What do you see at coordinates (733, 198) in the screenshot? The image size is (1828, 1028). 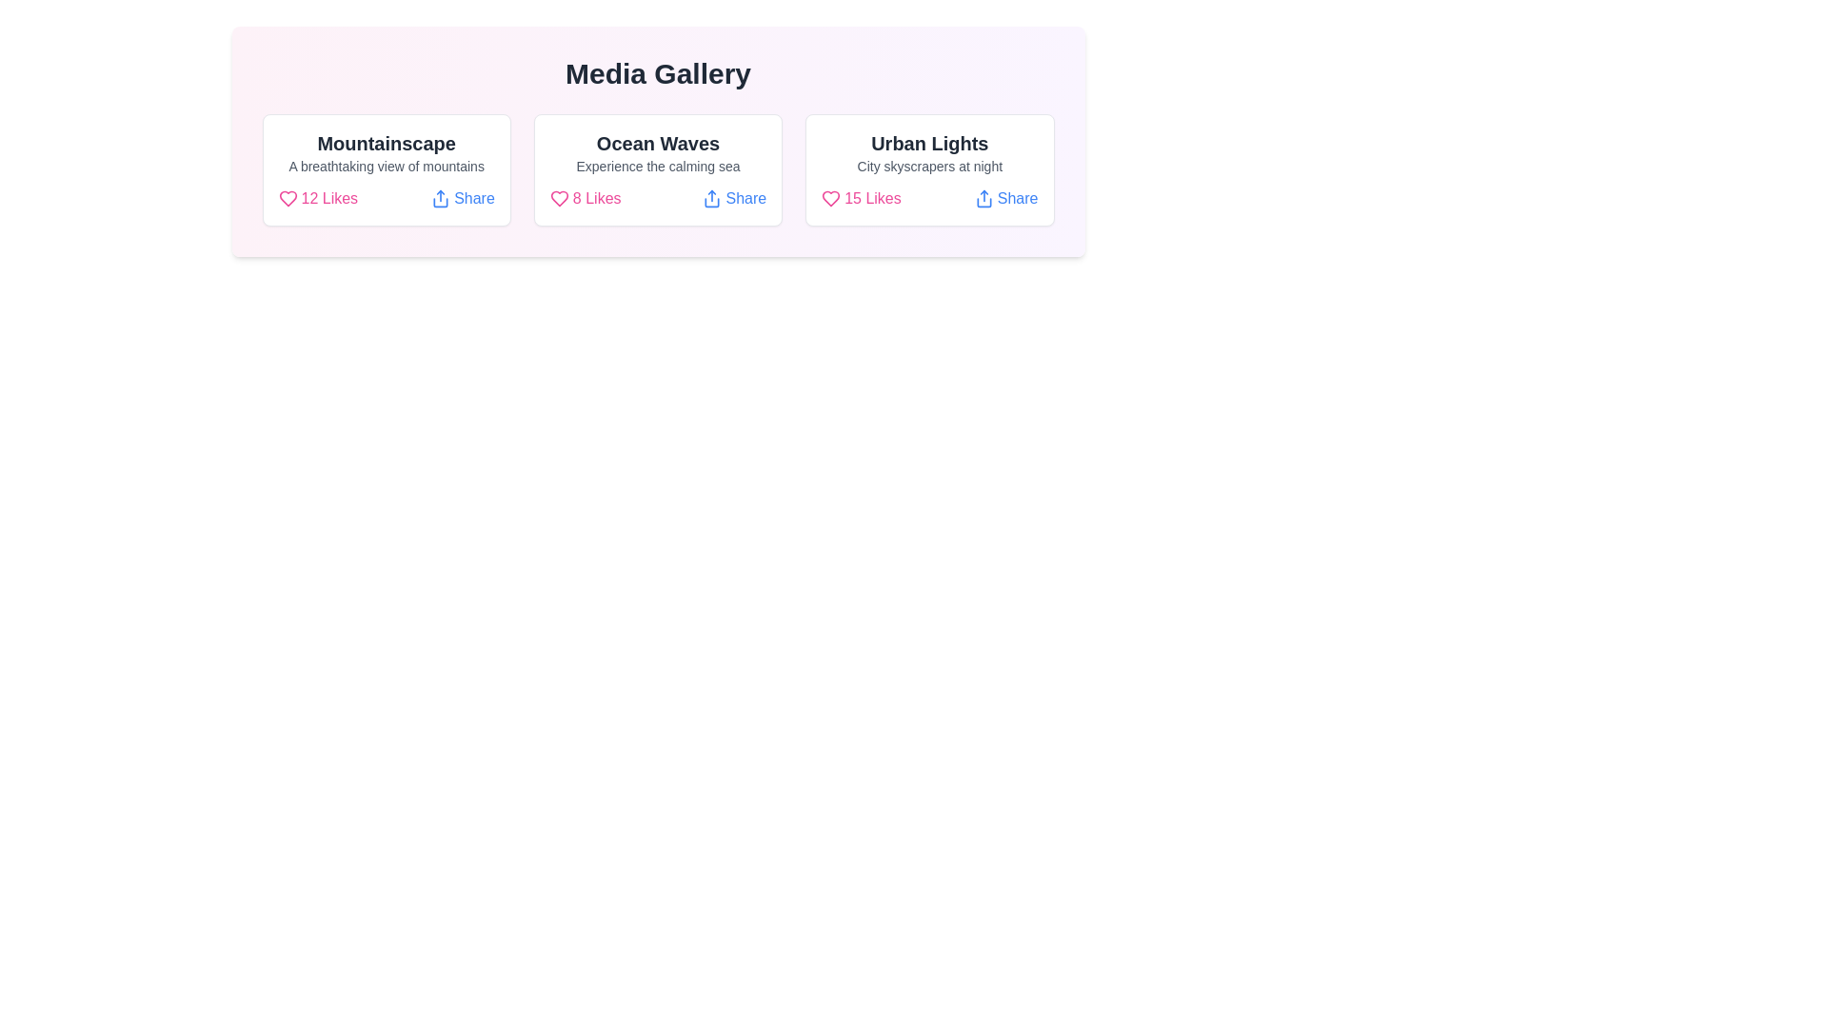 I see `the 'Share' button for the item titled 'Ocean Waves'` at bounding box center [733, 198].